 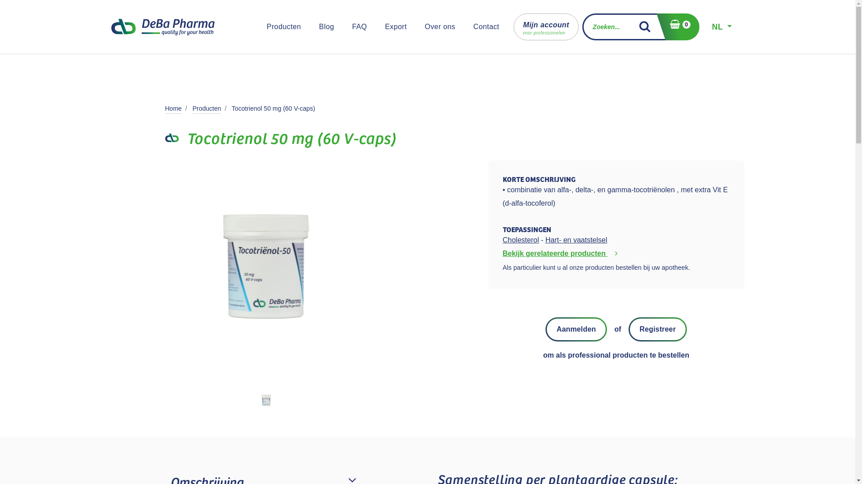 I want to click on 'Producten', so click(x=206, y=108).